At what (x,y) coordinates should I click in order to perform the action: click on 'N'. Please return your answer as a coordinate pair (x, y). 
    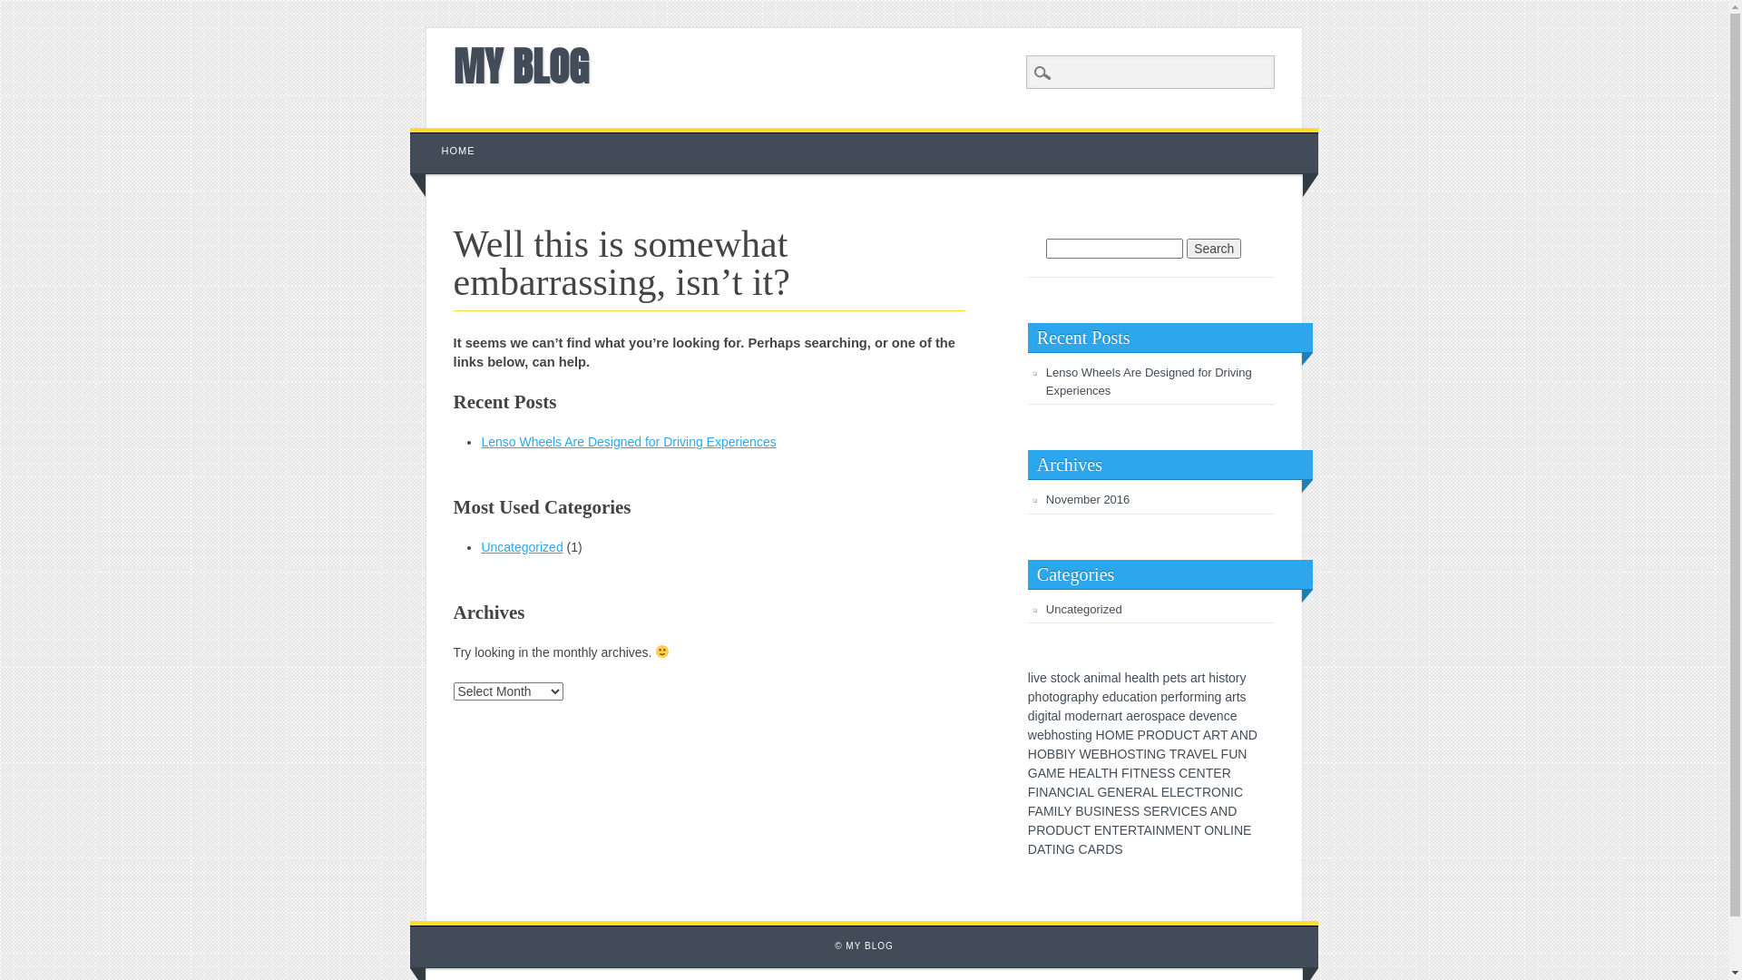
    Looking at the image, I should click on (1240, 753).